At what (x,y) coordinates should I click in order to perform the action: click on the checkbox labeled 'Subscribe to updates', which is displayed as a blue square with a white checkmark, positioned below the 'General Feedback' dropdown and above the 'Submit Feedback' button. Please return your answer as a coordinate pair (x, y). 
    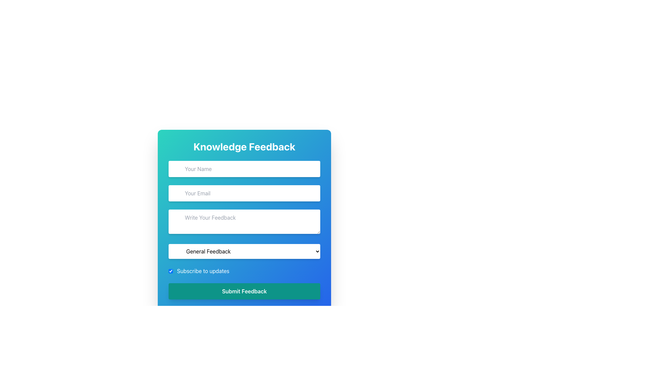
    Looking at the image, I should click on (244, 271).